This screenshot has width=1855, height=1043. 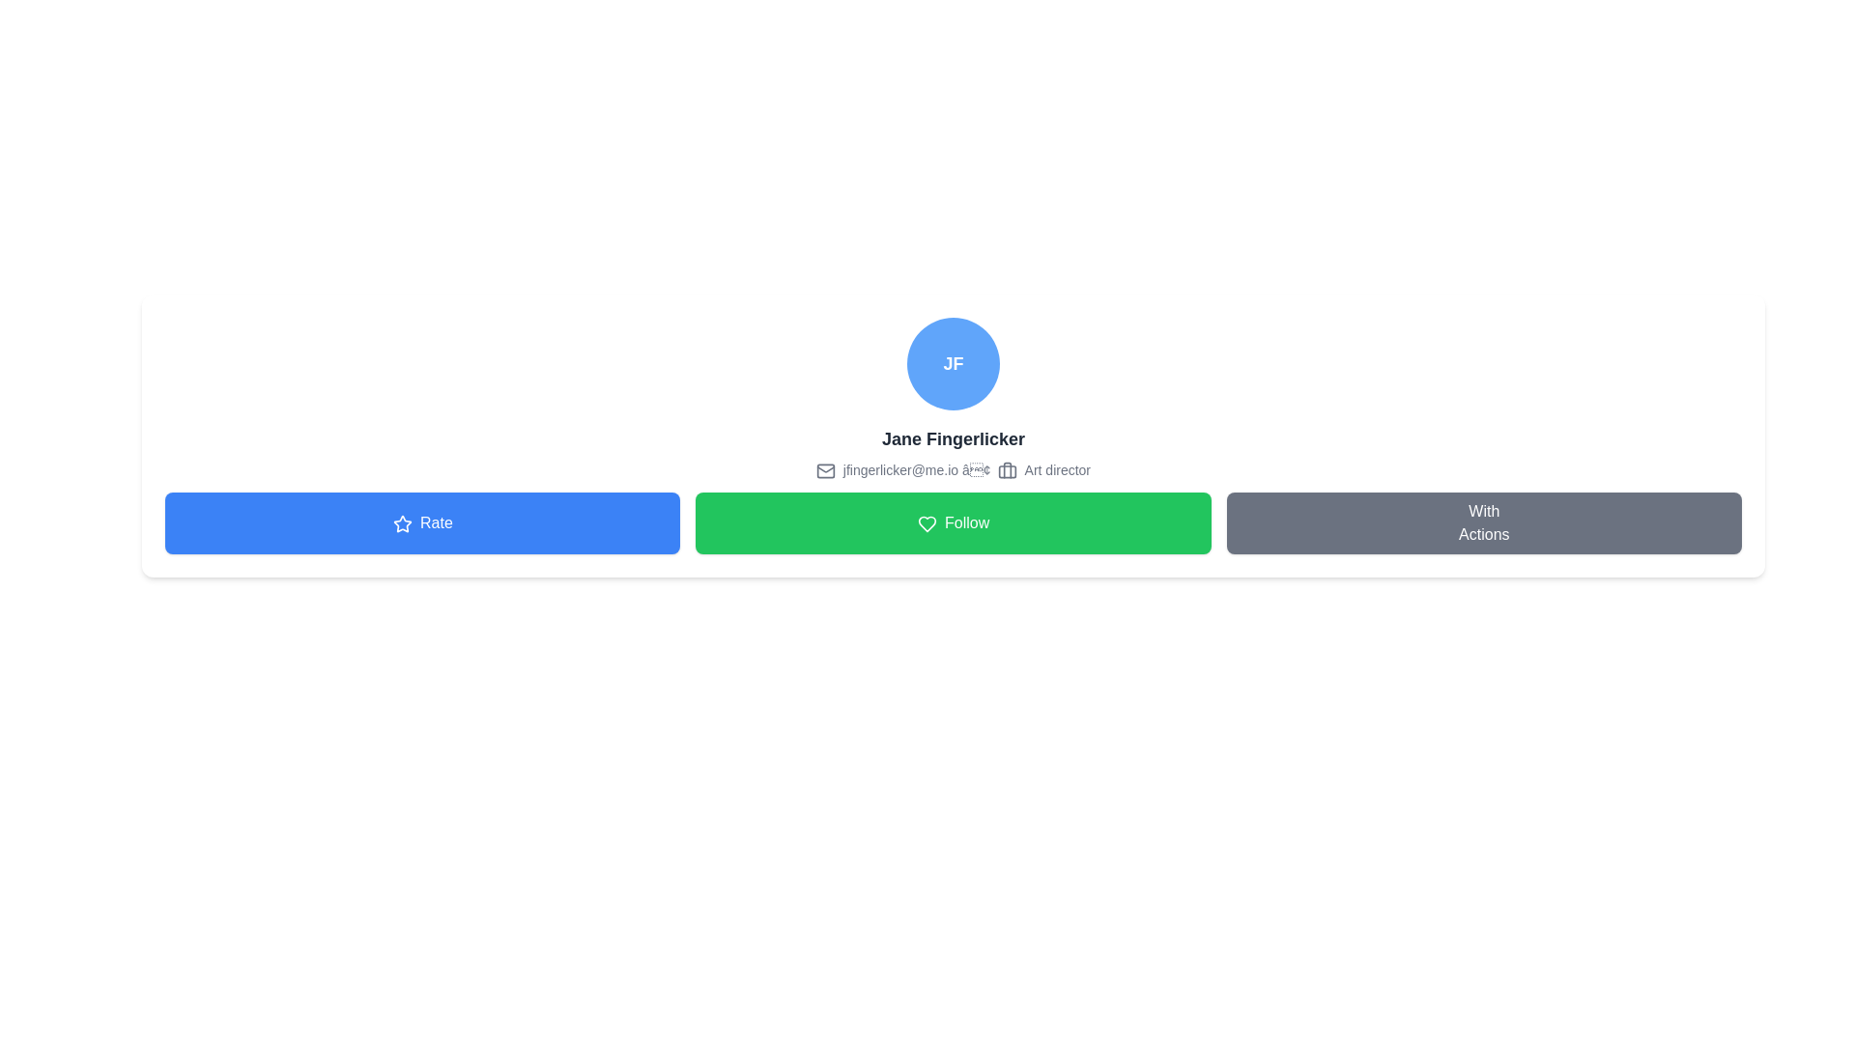 What do you see at coordinates (926, 524) in the screenshot?
I see `the decorative icon located on the left side of the 'Follow' button, which visually represents liking or following actions` at bounding box center [926, 524].